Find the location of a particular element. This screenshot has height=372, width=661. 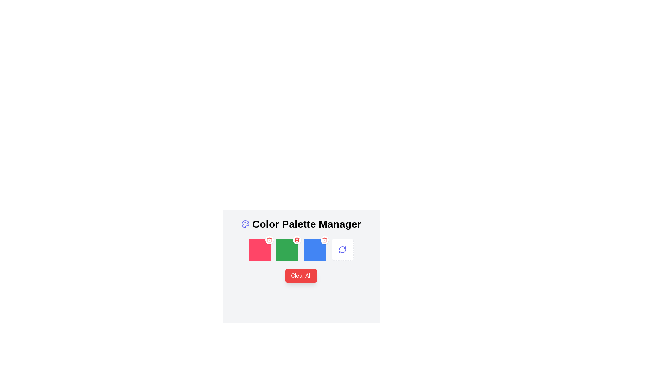

the decorative icon representing the 'Color Palette Manager' section, located to the immediate left of the text is located at coordinates (245, 224).